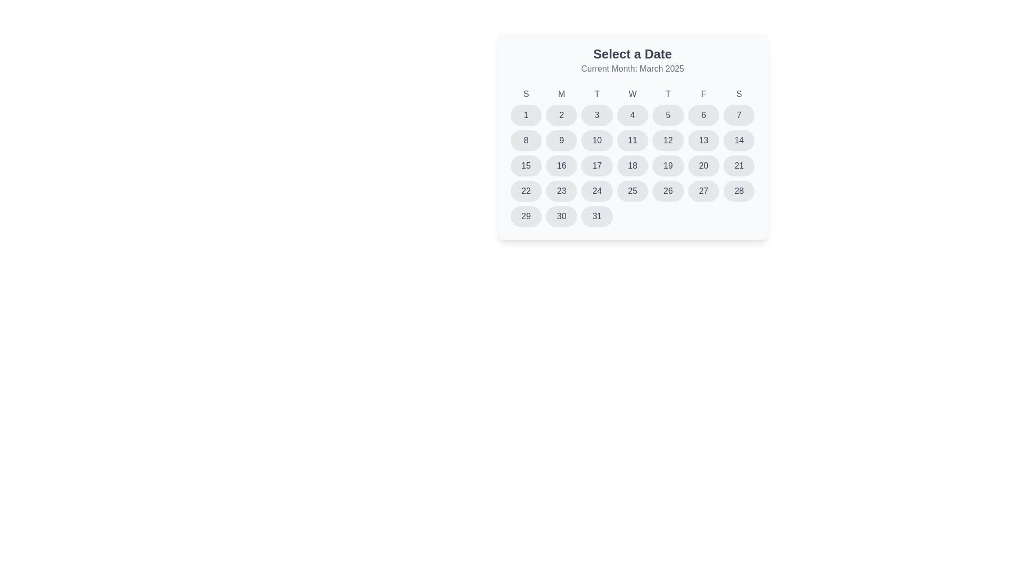 Image resolution: width=1011 pixels, height=569 pixels. I want to click on the fourth interactive date button for the date '4' in the calendar interface, so click(632, 115).